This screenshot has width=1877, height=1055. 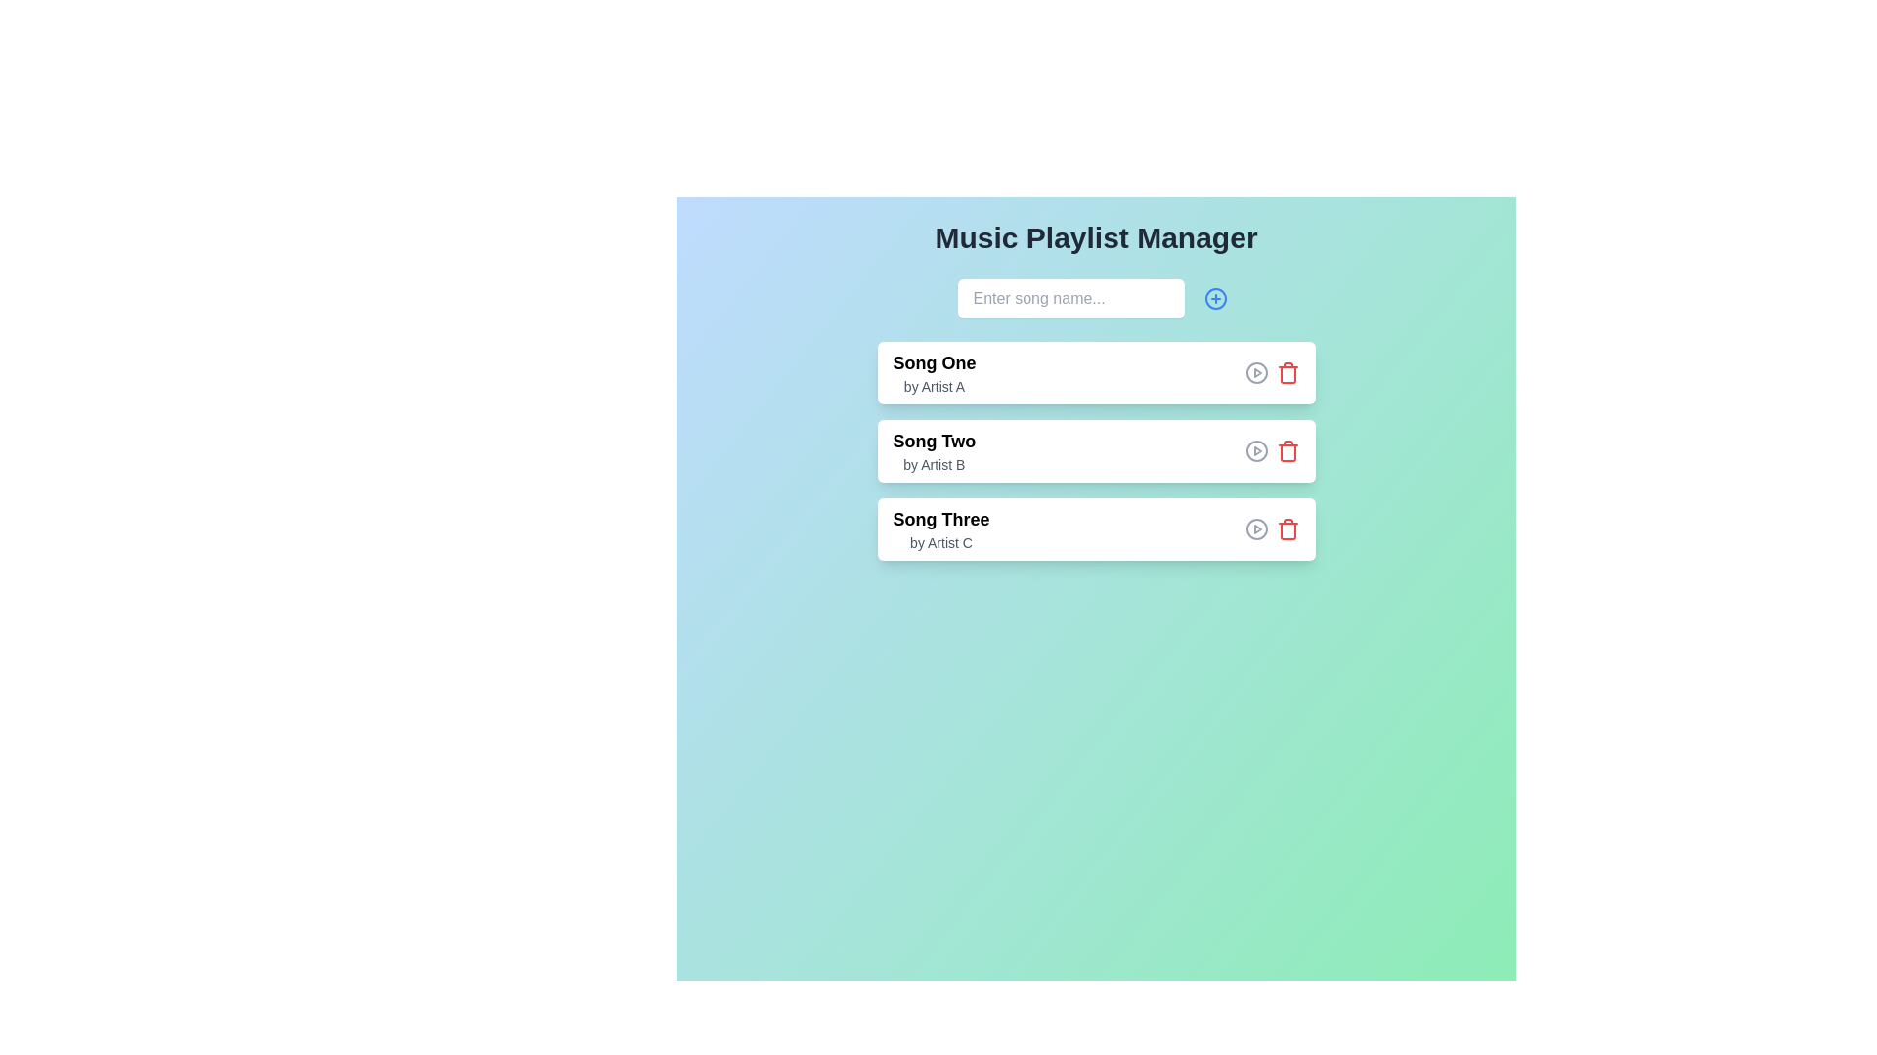 I want to click on the text label that reads 'by Artist C', which is a small light gray font positioned below 'Song Three' in the third playlist entry, so click(x=941, y=542).